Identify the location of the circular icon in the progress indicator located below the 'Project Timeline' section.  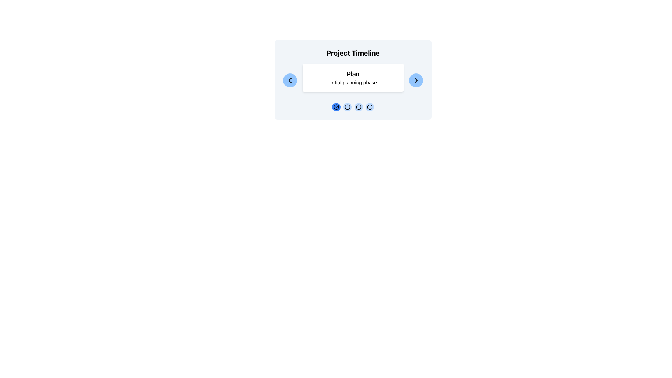
(353, 107).